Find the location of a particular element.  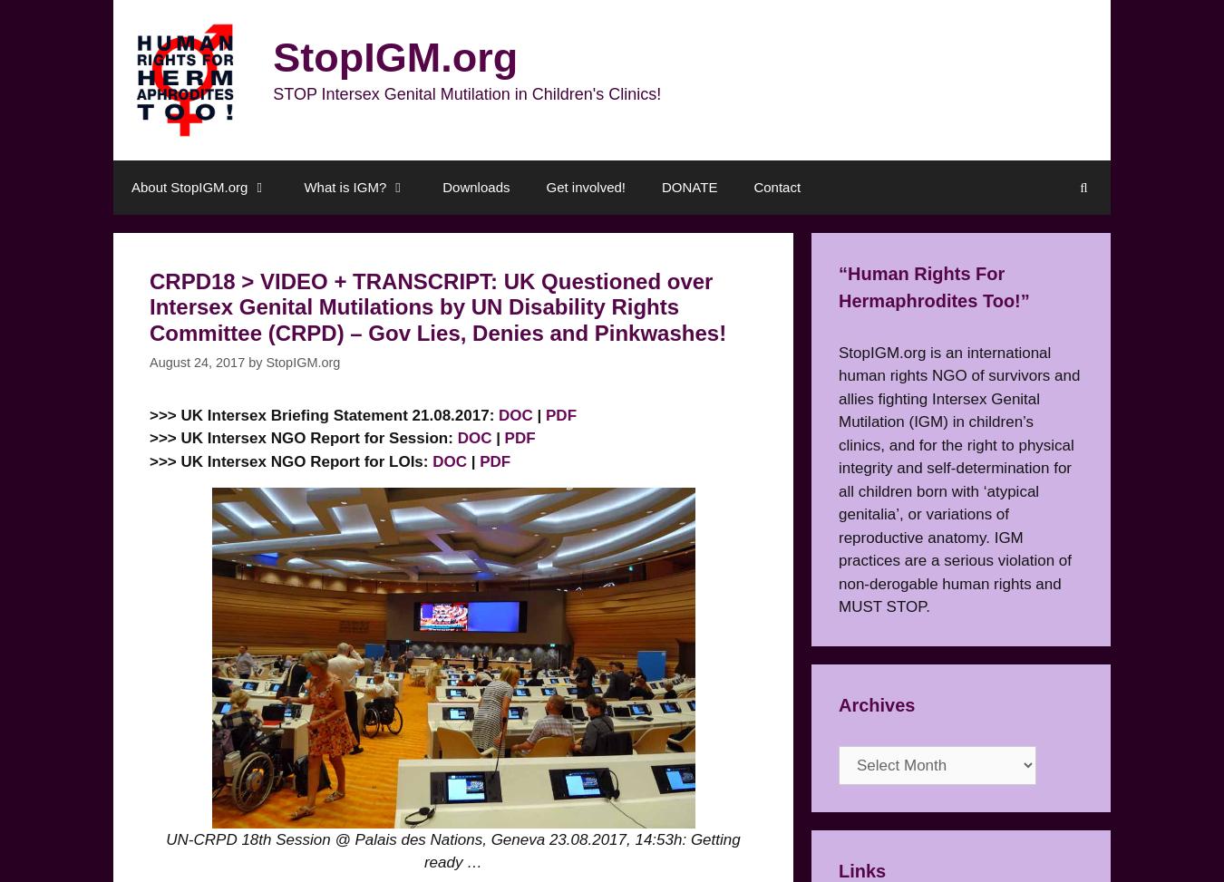

'STOP Intersex Genital Mutilation in Children's Clinics!' is located at coordinates (466, 93).